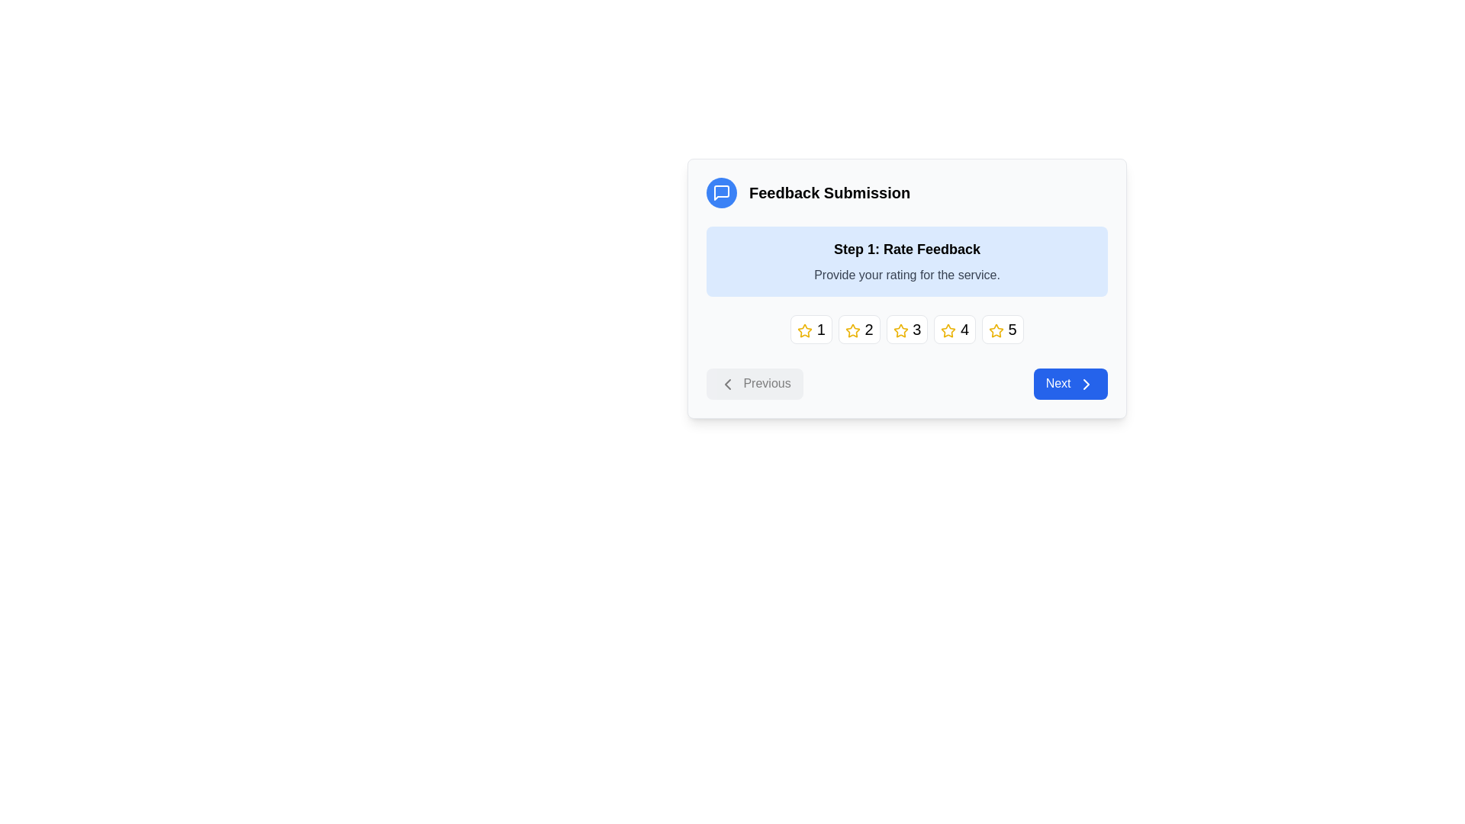  I want to click on the fourth star icon in the rating section, so click(996, 330).